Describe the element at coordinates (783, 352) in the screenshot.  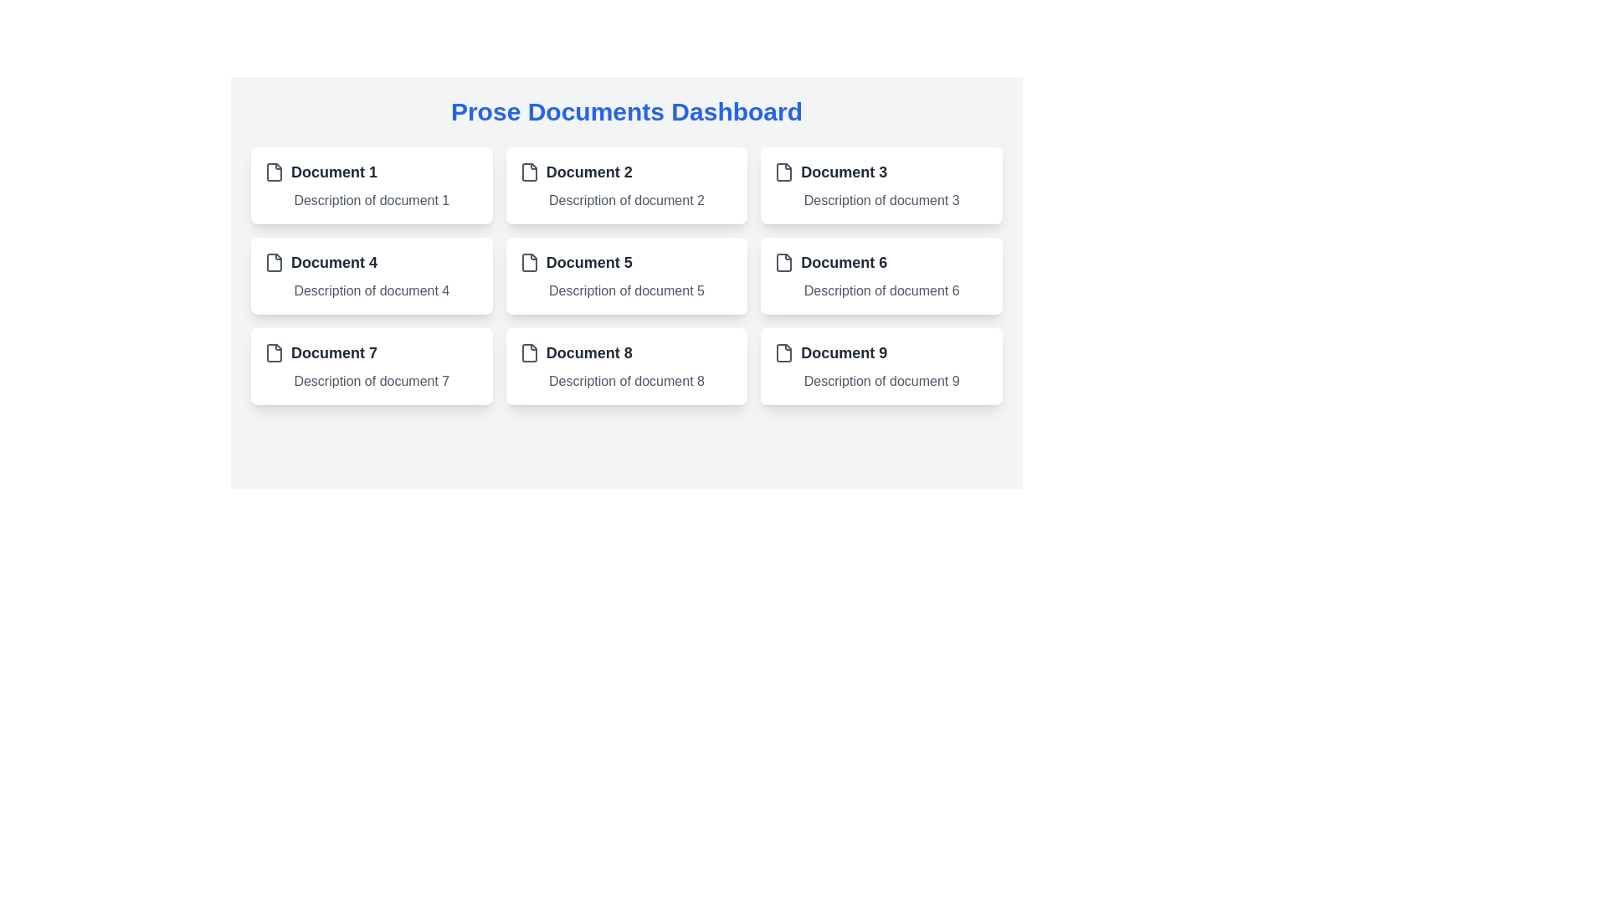
I see `the document icon located to the left of the text 'Document 9' in the bottom-right corner of the grid interface` at that location.